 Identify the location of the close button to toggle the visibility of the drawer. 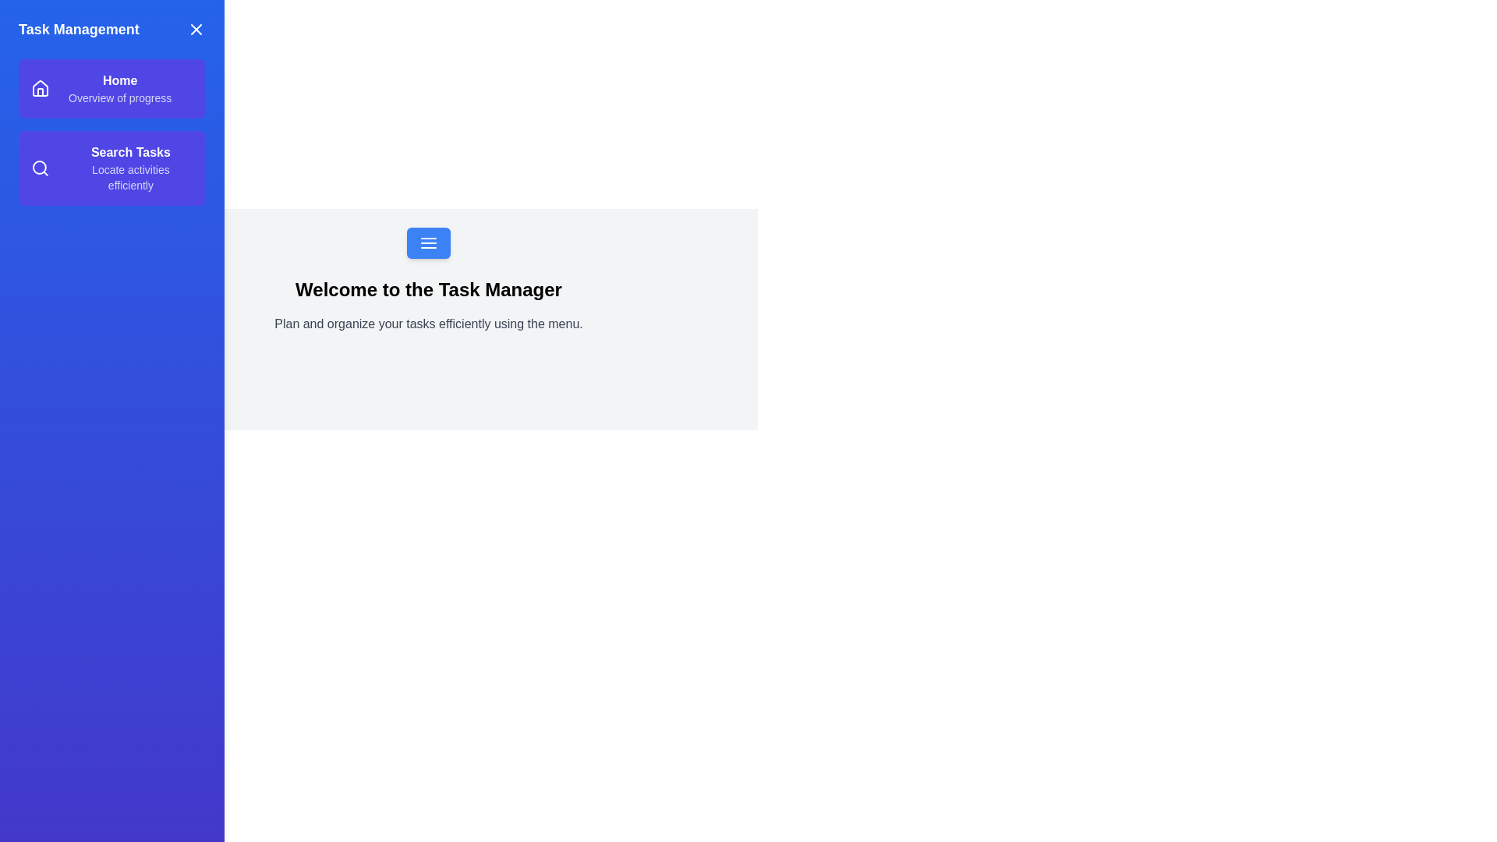
(196, 30).